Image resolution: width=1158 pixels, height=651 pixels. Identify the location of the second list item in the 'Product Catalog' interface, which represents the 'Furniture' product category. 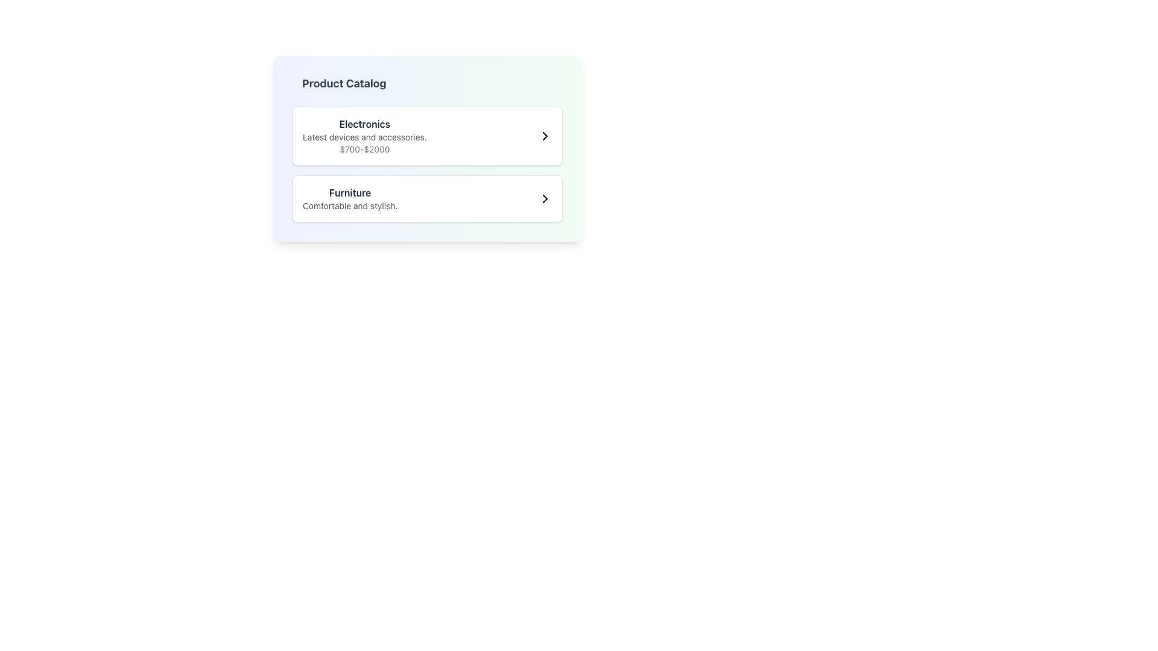
(428, 198).